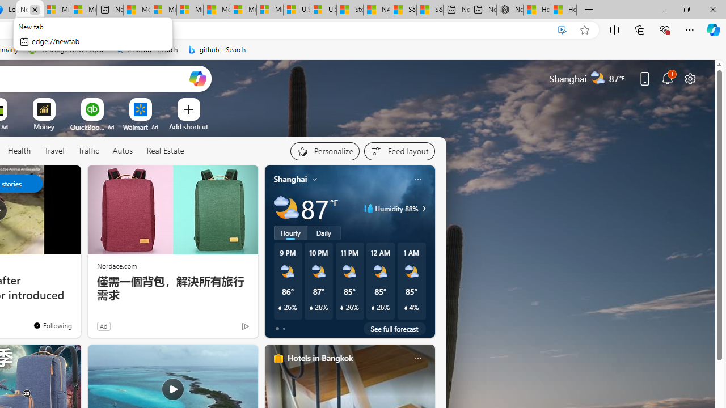 This screenshot has width=726, height=408. What do you see at coordinates (163, 10) in the screenshot?
I see `'Microsoft account | Privacy'` at bounding box center [163, 10].